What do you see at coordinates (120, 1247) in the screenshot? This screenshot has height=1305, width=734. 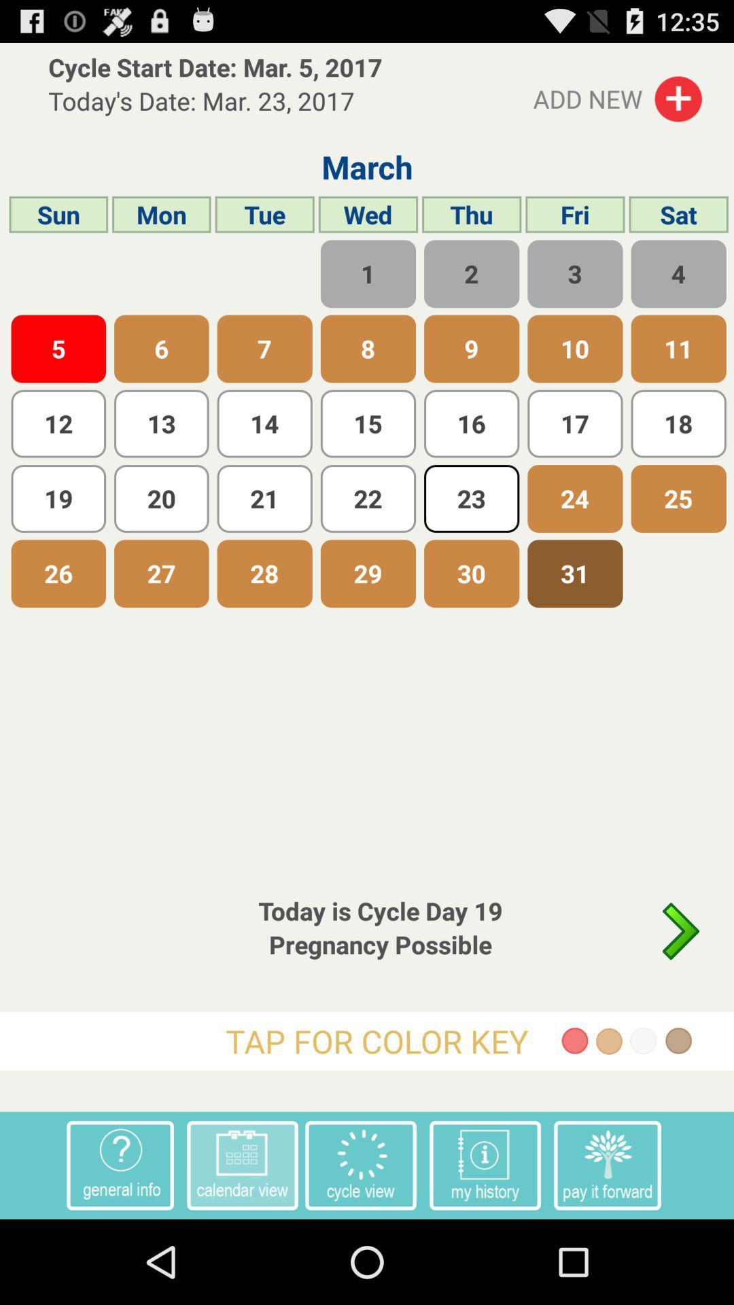 I see `the help icon` at bounding box center [120, 1247].